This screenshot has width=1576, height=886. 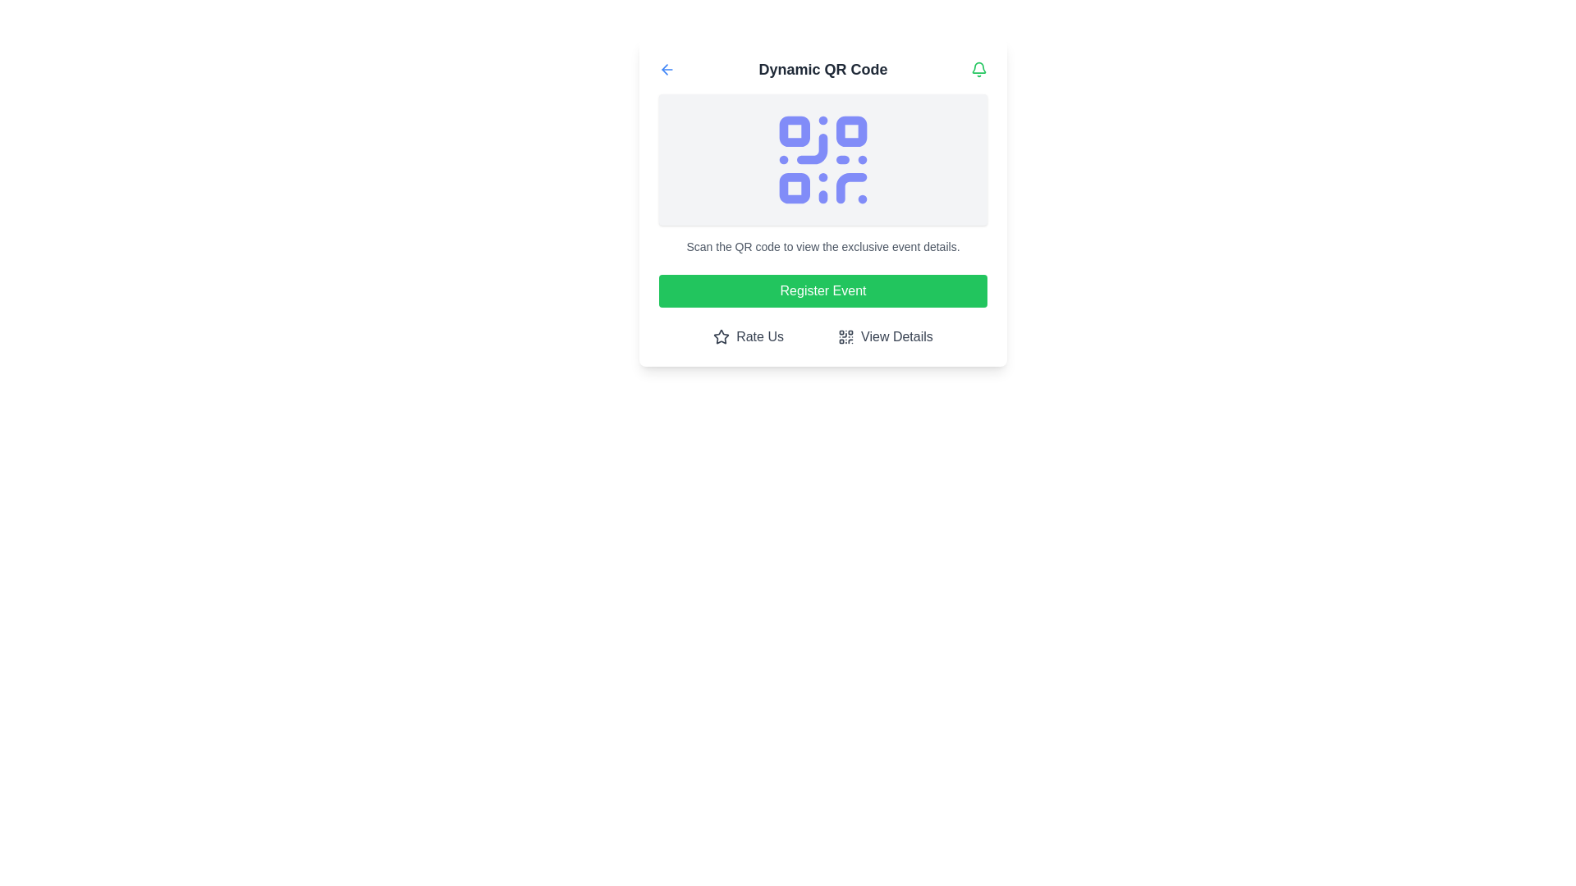 I want to click on the upper-left small square segment of the QR code, which is a light blue rectangle with rounded corners, part of the overall QR code graphic, so click(x=795, y=130).